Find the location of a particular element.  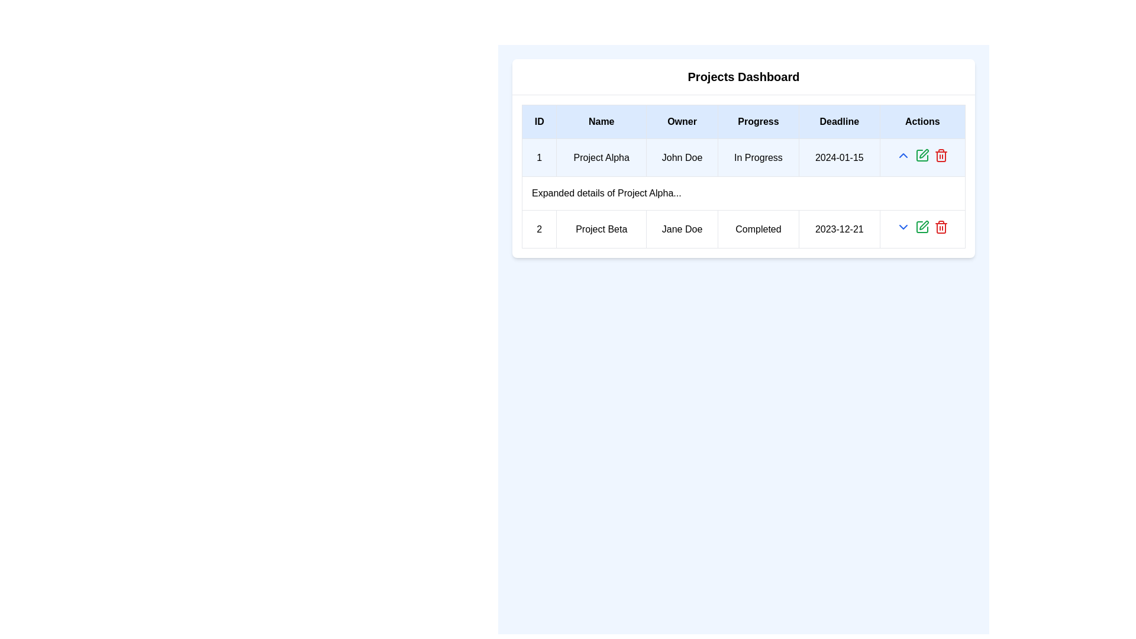

the trash bin icon located is located at coordinates (941, 156).